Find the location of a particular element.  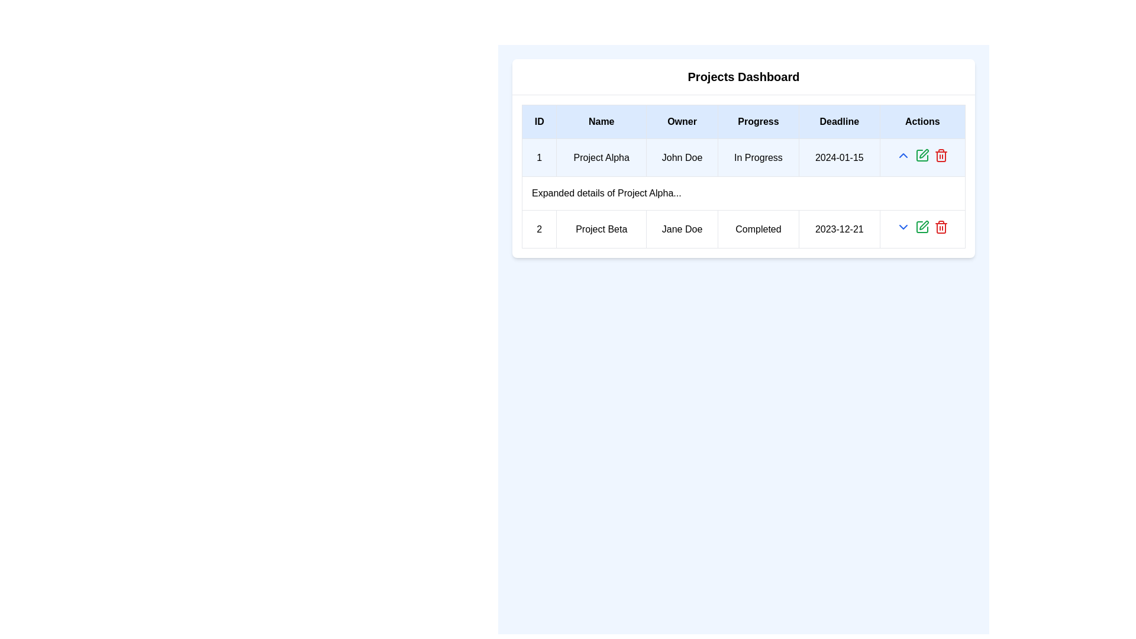

the trash bin icon located is located at coordinates (941, 156).